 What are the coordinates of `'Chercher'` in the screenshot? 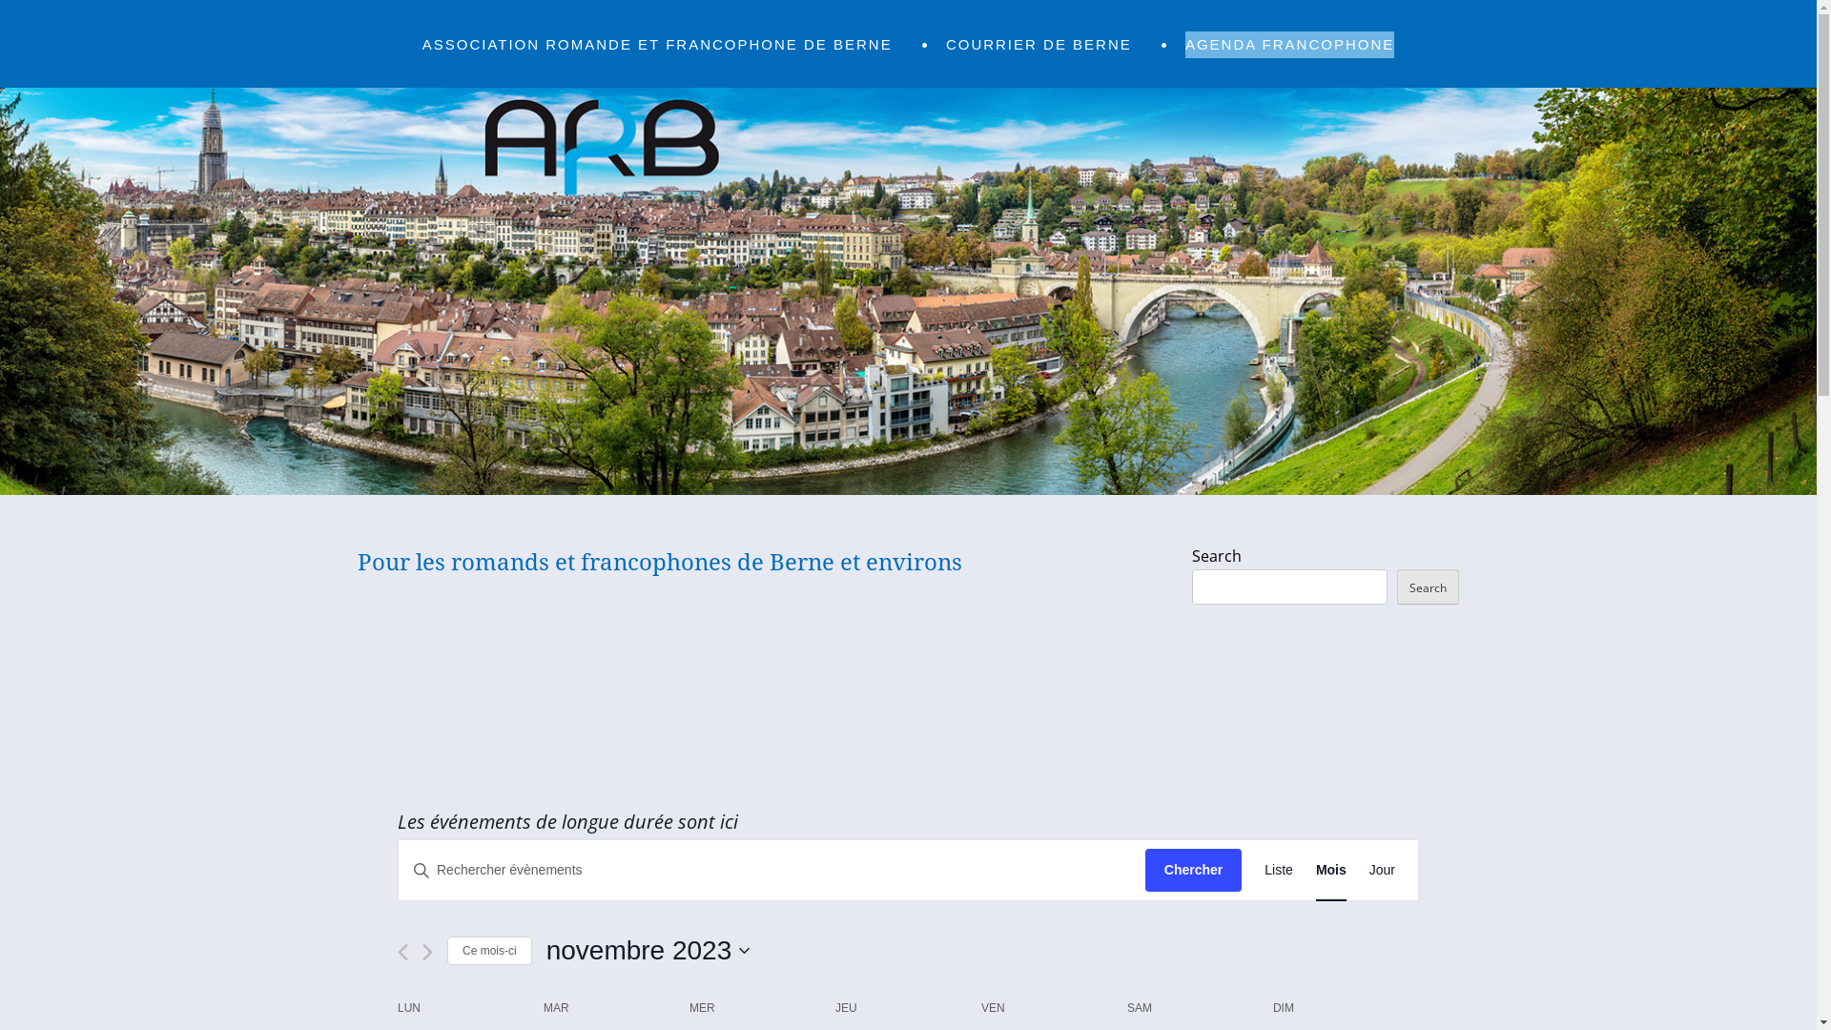 It's located at (1192, 870).